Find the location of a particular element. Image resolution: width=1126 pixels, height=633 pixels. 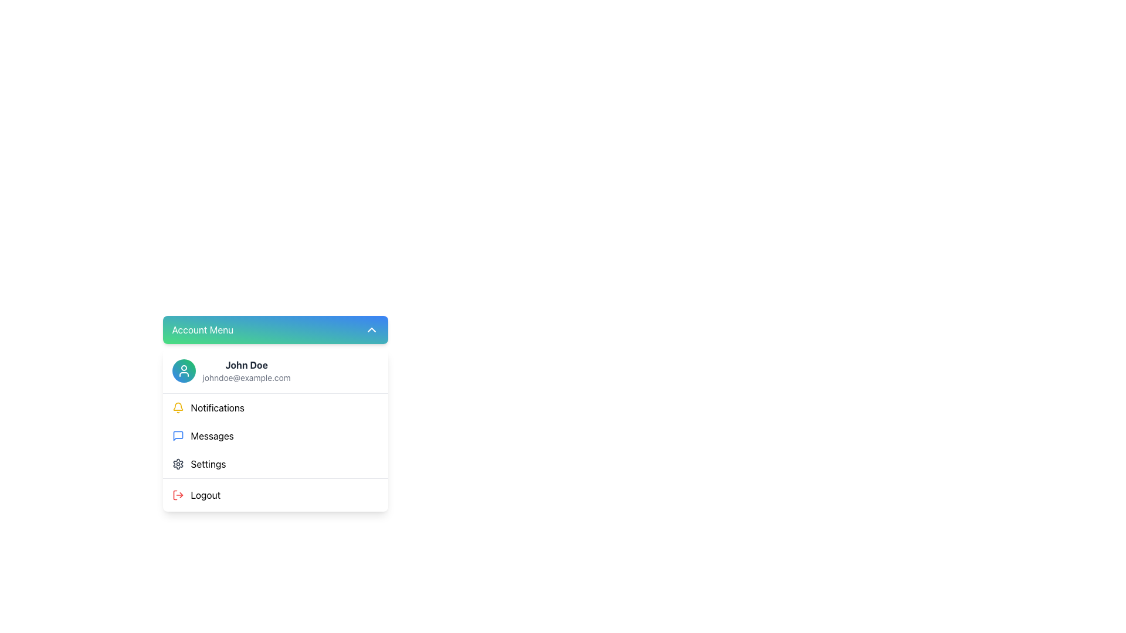

the bold text displaying 'John Doe' in dark gray color located in the user account menu under the 'Account Menu' heading is located at coordinates (246, 365).